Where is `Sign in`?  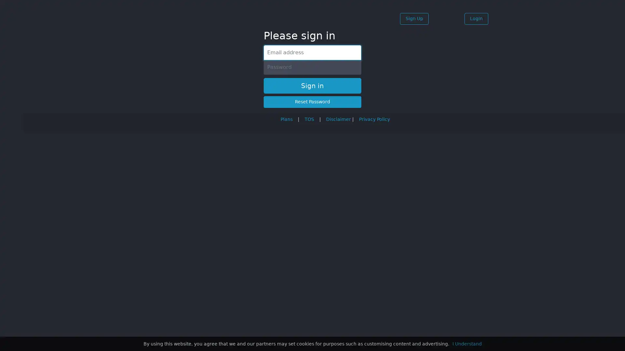
Sign in is located at coordinates (312, 85).